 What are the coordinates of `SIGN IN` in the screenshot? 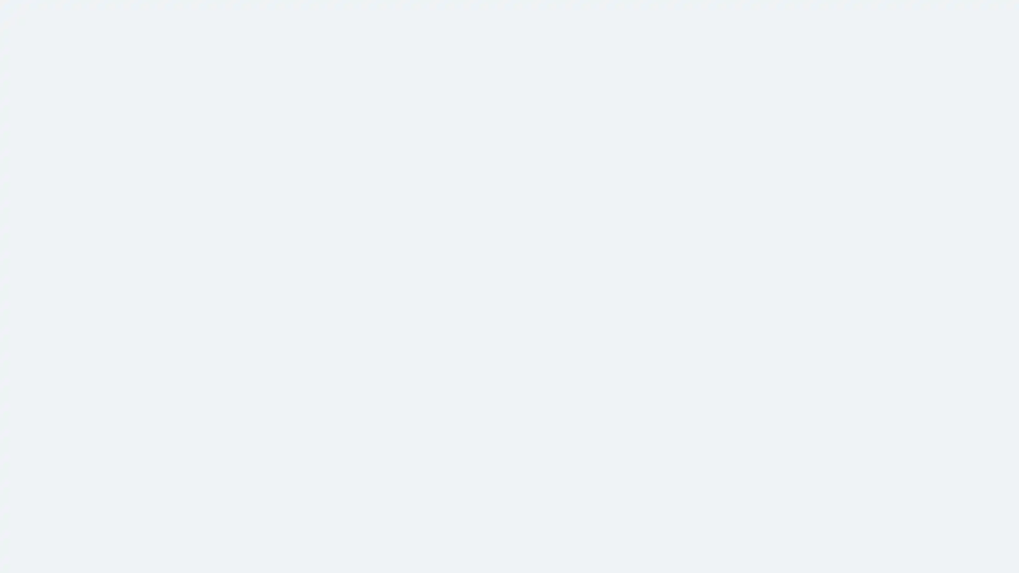 It's located at (322, 340).